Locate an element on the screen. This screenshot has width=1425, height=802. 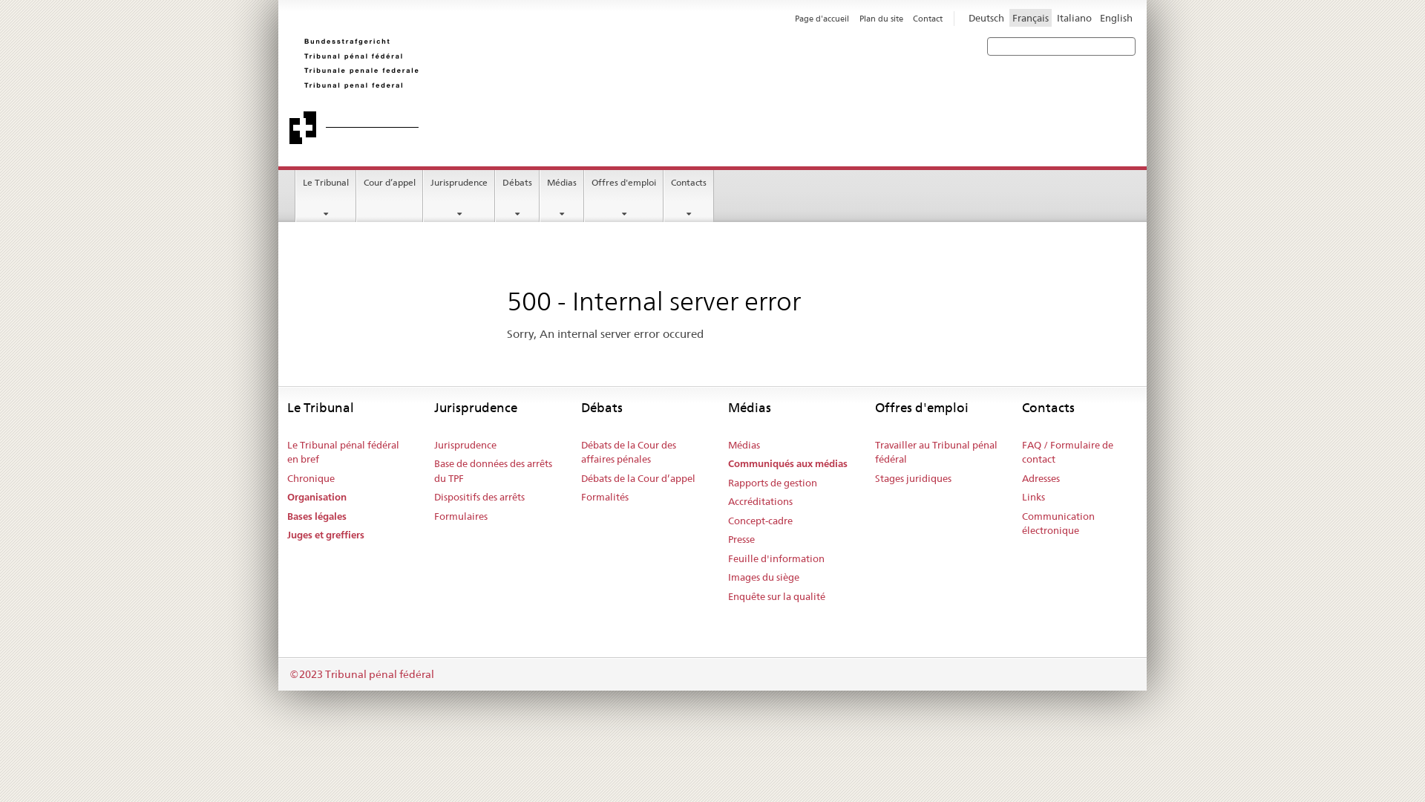
'Contact' is located at coordinates (926, 18).